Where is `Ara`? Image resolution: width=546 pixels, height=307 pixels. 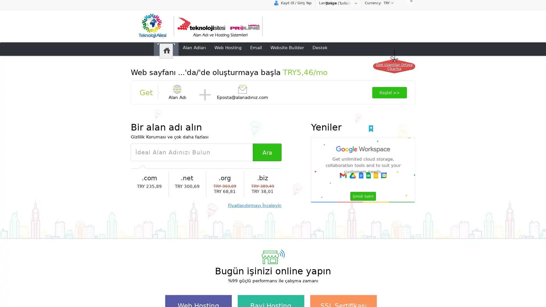 Ara is located at coordinates (267, 152).